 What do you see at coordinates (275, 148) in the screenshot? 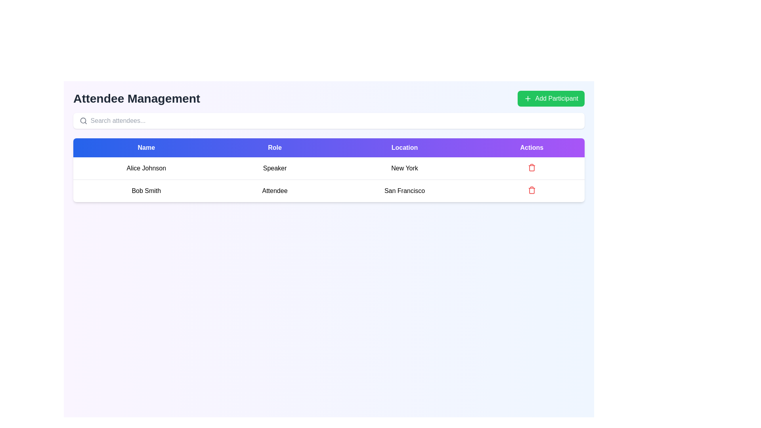
I see `the header cell displaying 'Role' with bold white text on a purple background, located in the second position of the table header row` at bounding box center [275, 148].